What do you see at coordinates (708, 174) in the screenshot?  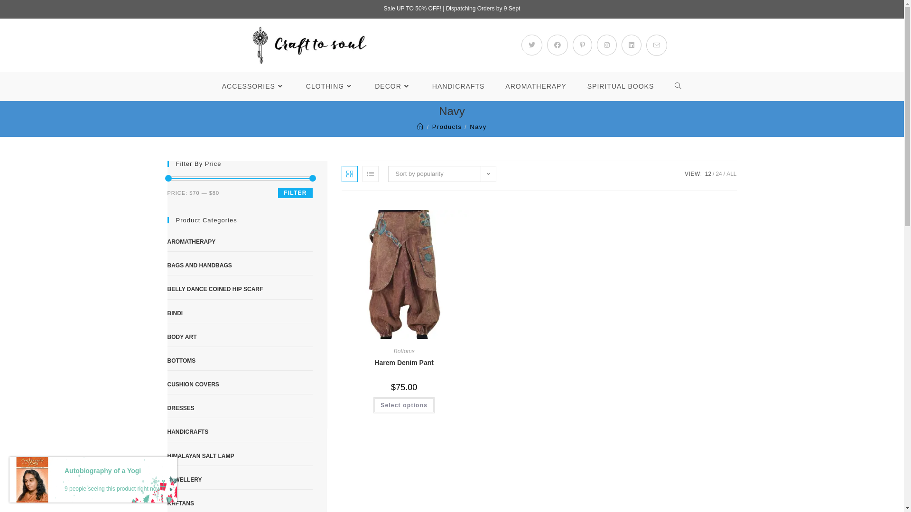 I see `'12'` at bounding box center [708, 174].